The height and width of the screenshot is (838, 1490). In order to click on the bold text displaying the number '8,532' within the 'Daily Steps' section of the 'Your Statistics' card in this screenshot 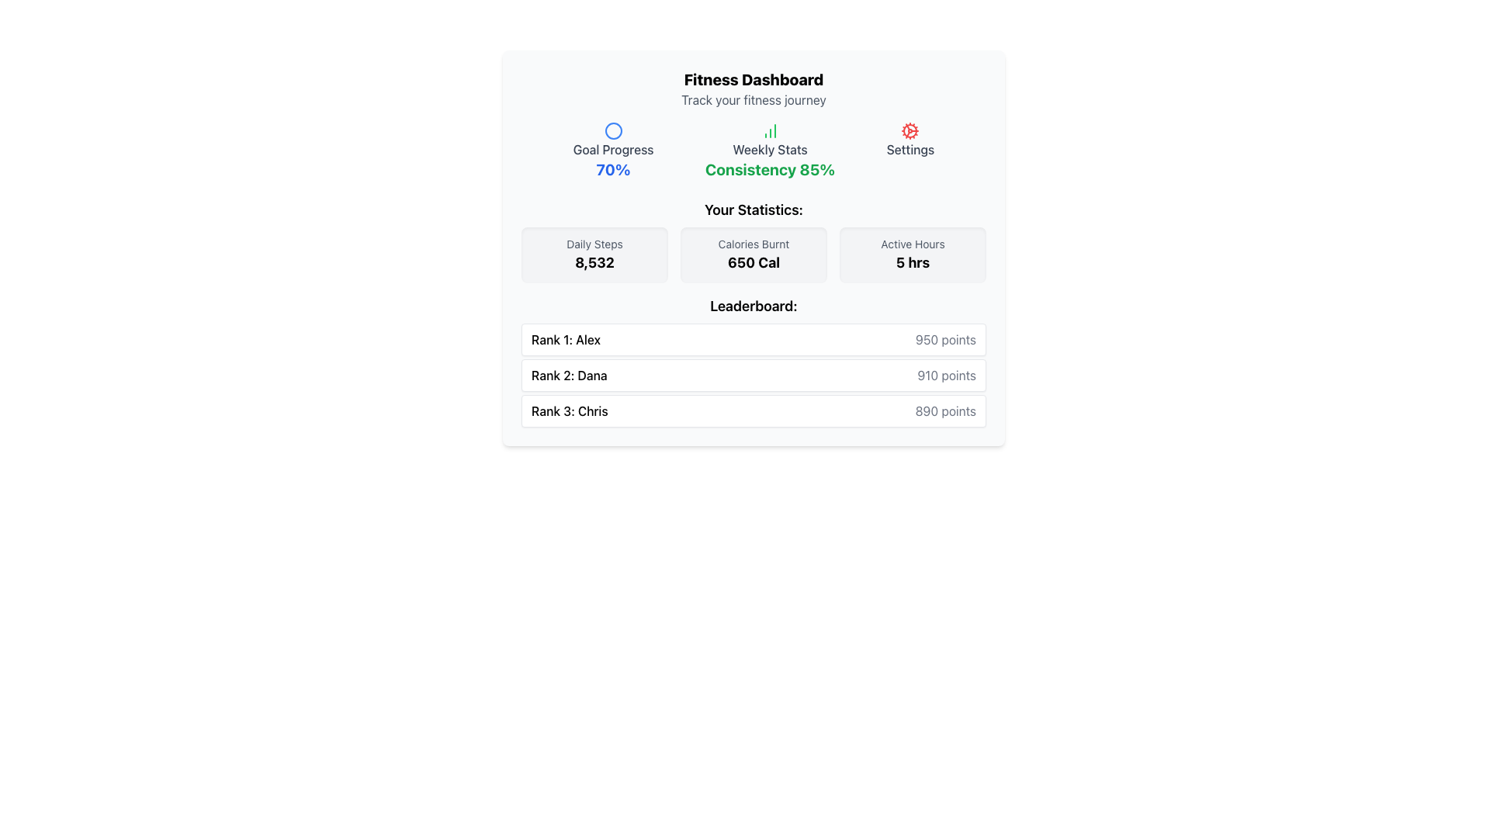, I will do `click(594, 262)`.